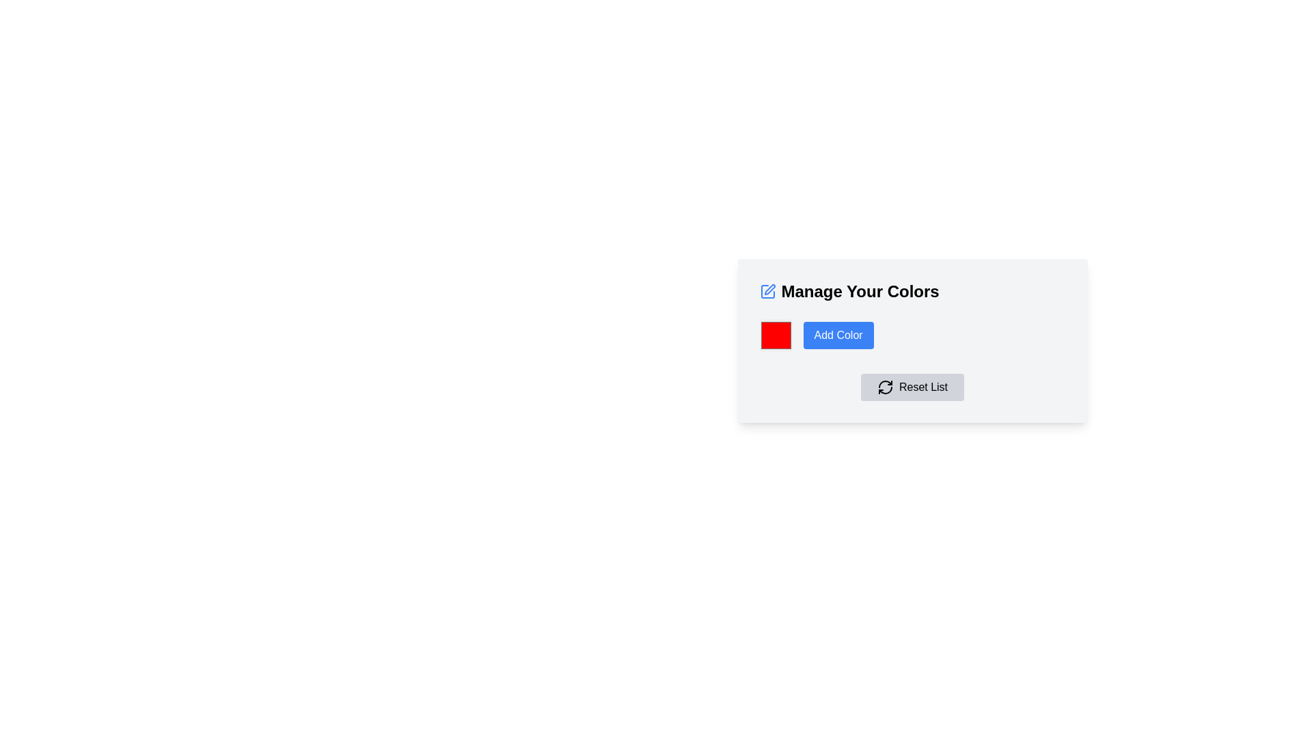  I want to click on the heading text 'Manage Your Colors', which is prominently styled and aligned to the left, indicating it is editable with a pen-shaped icon next to it, so click(912, 291).